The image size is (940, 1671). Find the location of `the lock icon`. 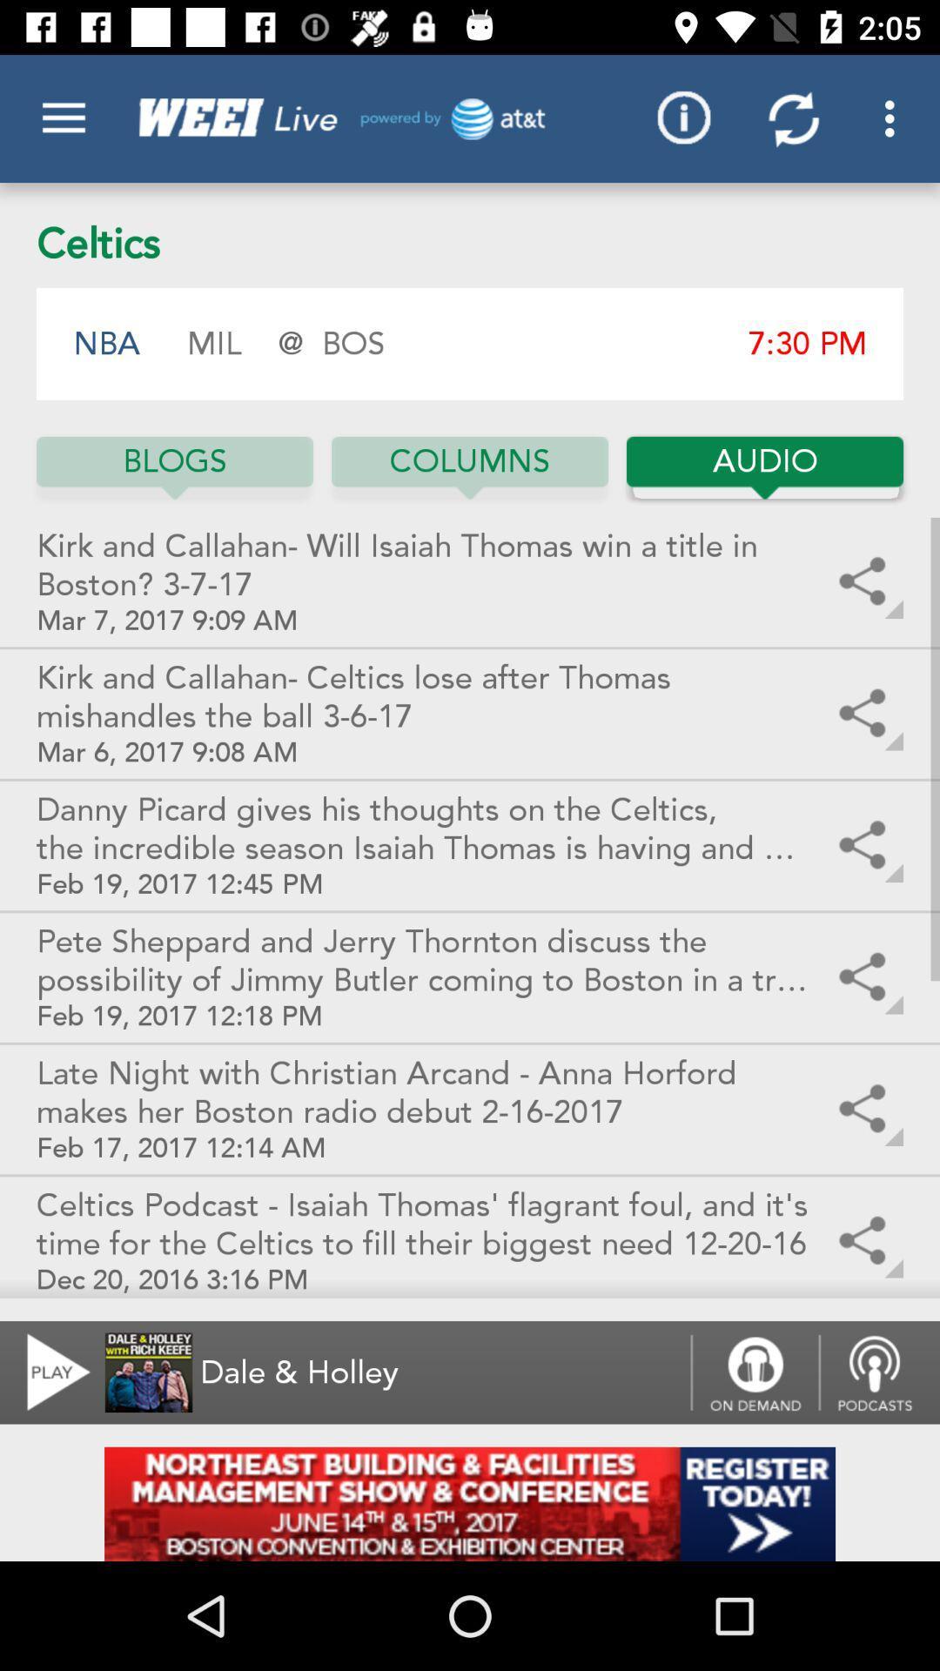

the lock icon is located at coordinates (754, 1372).